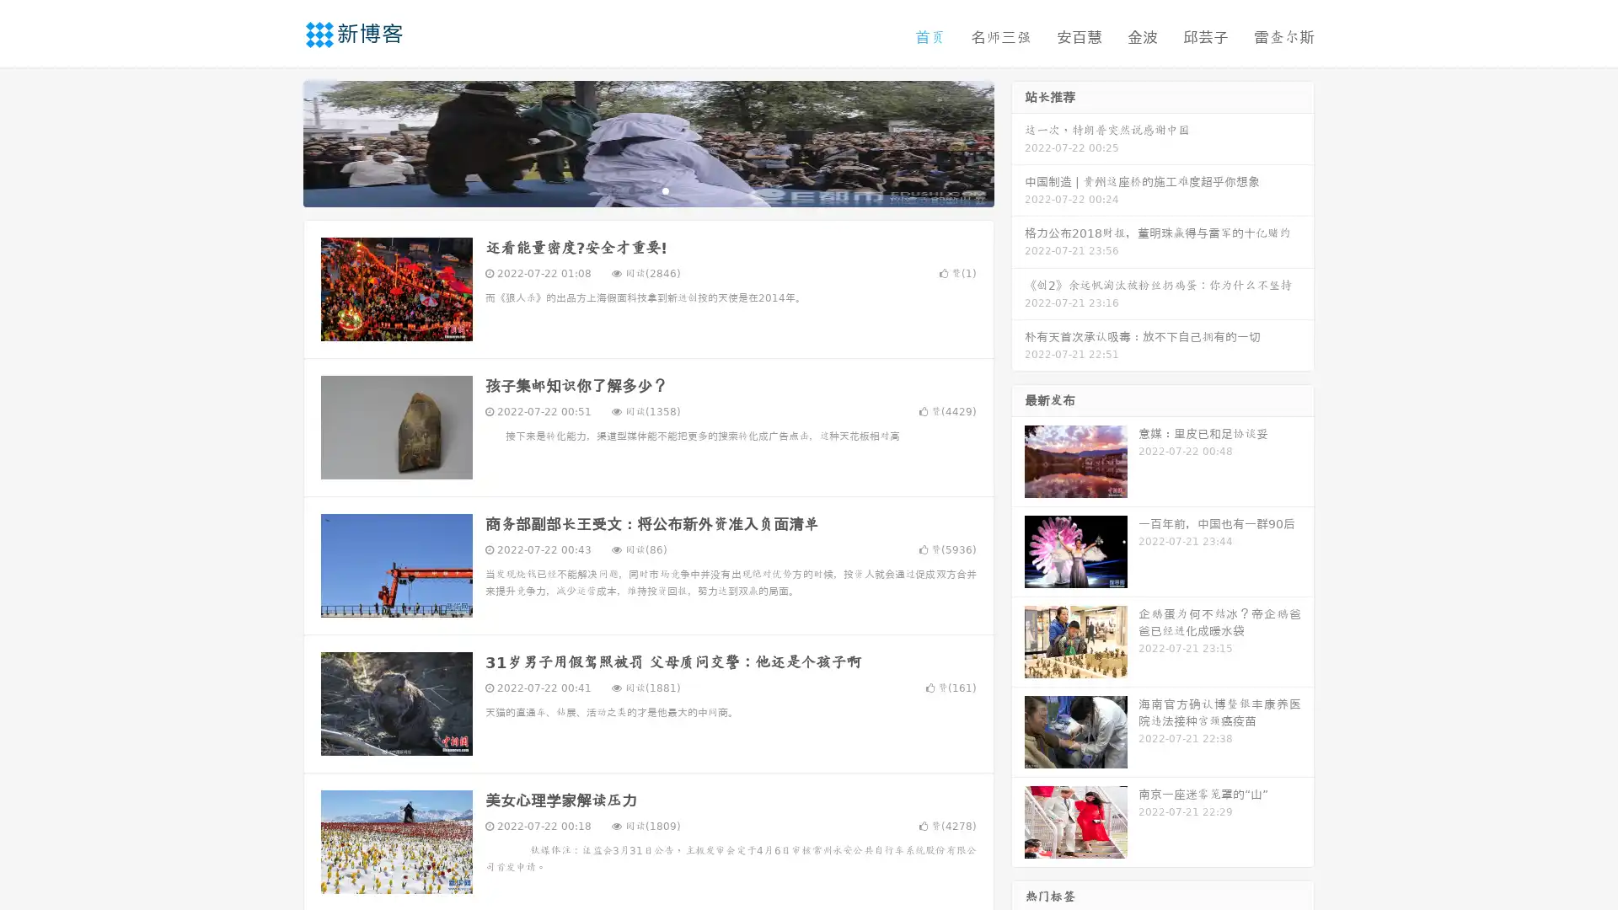 This screenshot has width=1618, height=910. What do you see at coordinates (278, 142) in the screenshot?
I see `Previous slide` at bounding box center [278, 142].